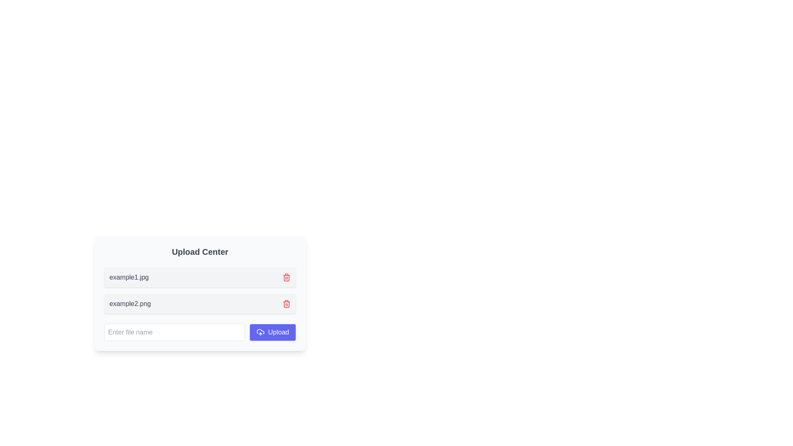  I want to click on the 'Upload' button, which is a white text button on a blue background located at the bottom-right of the file upload area, so click(278, 332).